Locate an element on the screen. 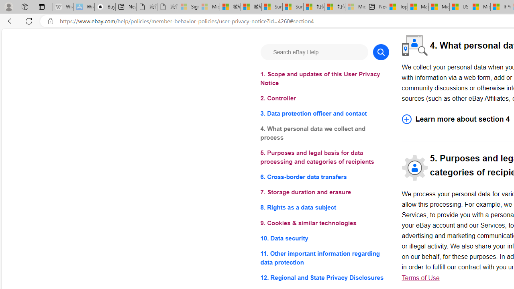  '9. Cookies & similar technologies' is located at coordinates (324, 223).